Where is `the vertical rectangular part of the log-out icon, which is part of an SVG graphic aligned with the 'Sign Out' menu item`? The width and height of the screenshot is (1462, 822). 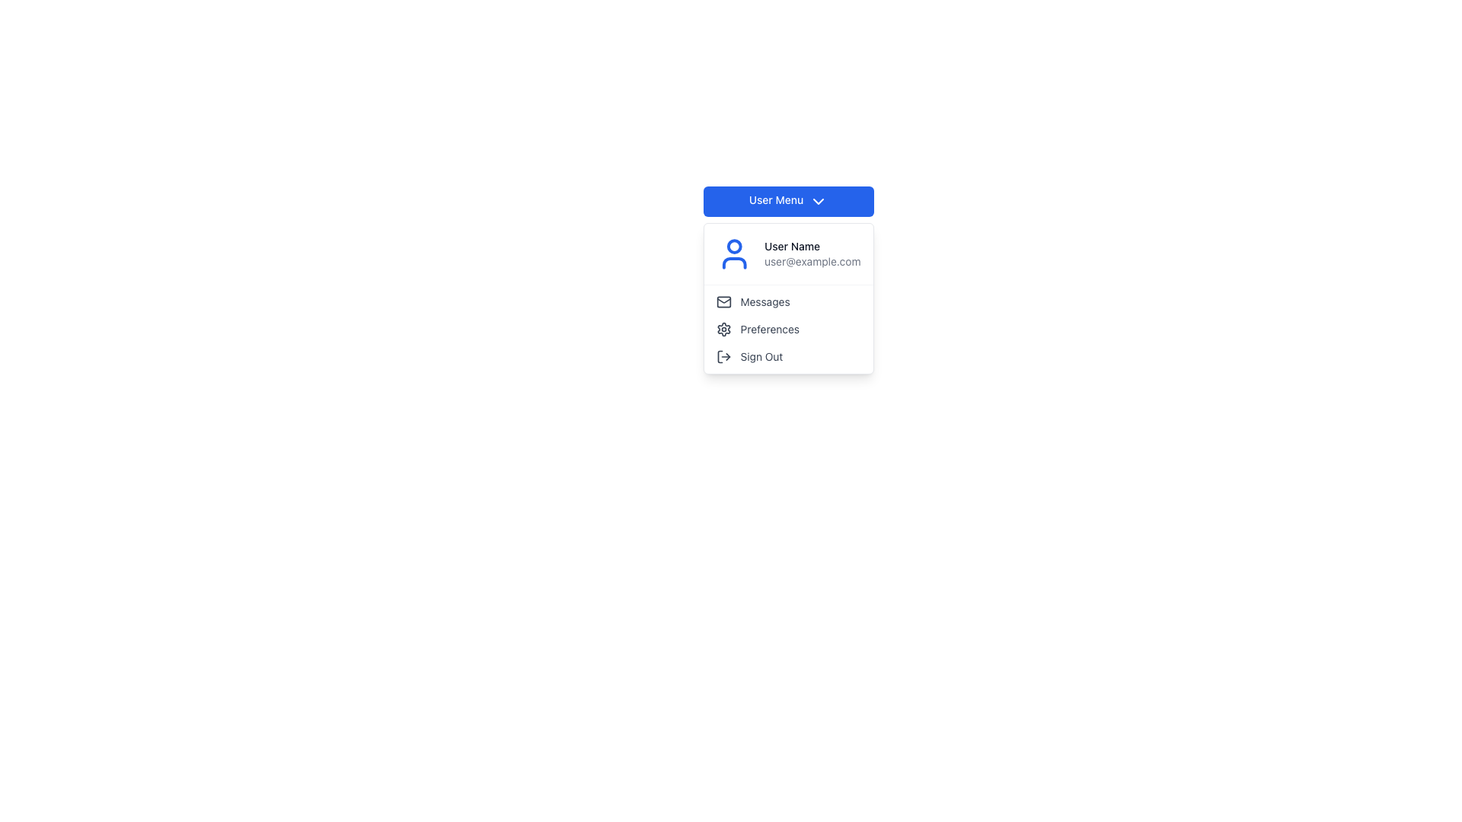 the vertical rectangular part of the log-out icon, which is part of an SVG graphic aligned with the 'Sign Out' menu item is located at coordinates (719, 357).